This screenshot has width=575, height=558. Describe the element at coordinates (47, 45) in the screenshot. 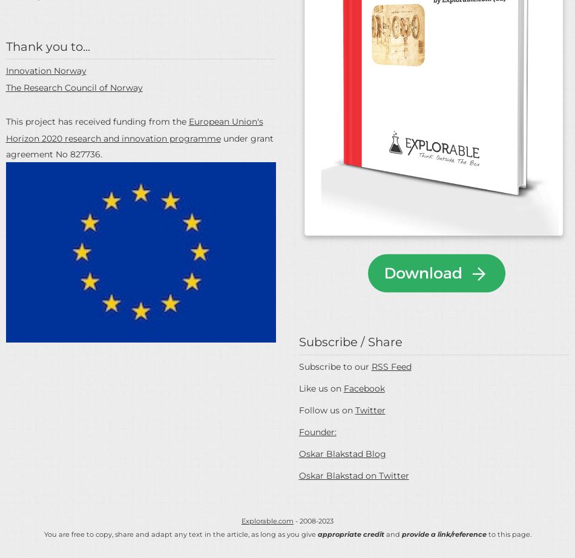

I see `'Thank you to...'` at that location.